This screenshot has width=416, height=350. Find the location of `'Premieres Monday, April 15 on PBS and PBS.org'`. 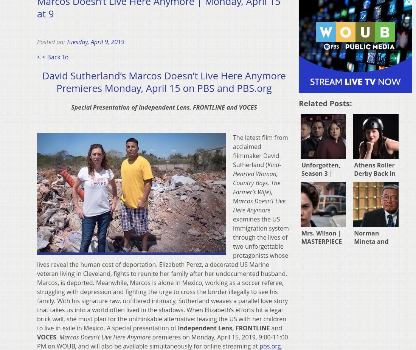

'Premieres Monday, April 15 on PBS and PBS.org' is located at coordinates (56, 88).